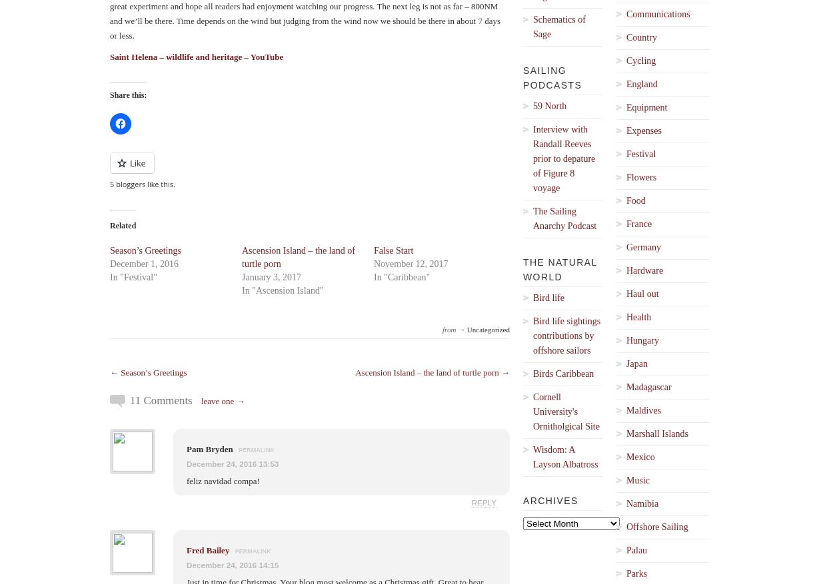 This screenshot has width=833, height=584. What do you see at coordinates (562, 374) in the screenshot?
I see `'Birds Caribbean'` at bounding box center [562, 374].